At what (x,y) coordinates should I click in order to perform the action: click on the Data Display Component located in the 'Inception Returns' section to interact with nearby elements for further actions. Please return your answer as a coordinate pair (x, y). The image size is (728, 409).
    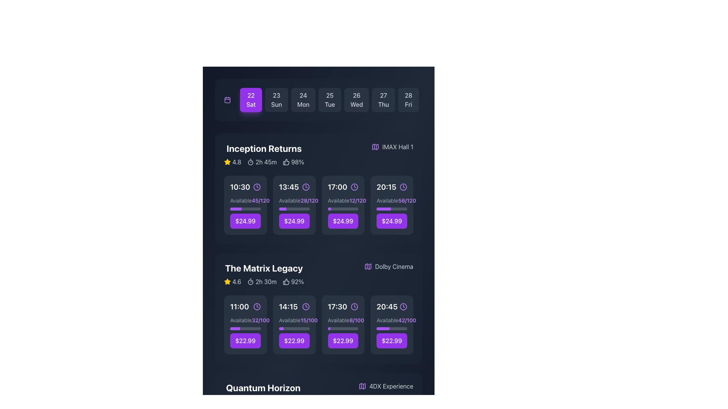
    Looking at the image, I should click on (264, 162).